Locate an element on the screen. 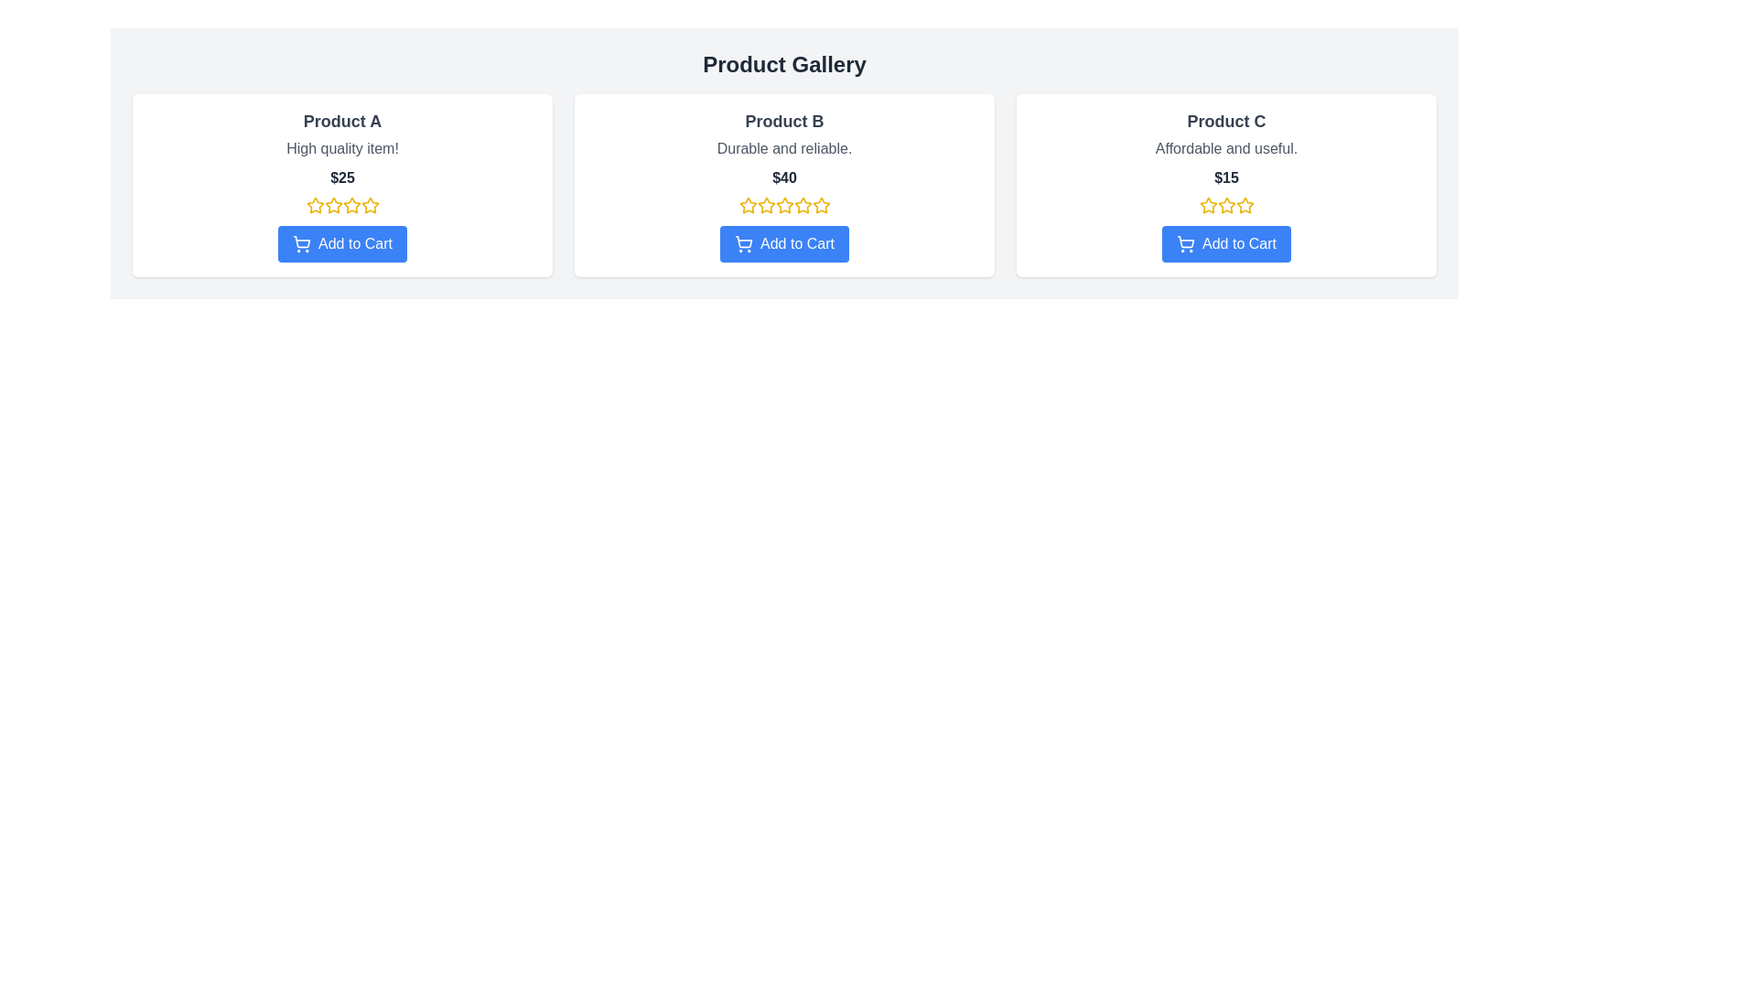 The image size is (1757, 988). the fifth star in the rating component below the 'Product A' description is located at coordinates (369, 205).